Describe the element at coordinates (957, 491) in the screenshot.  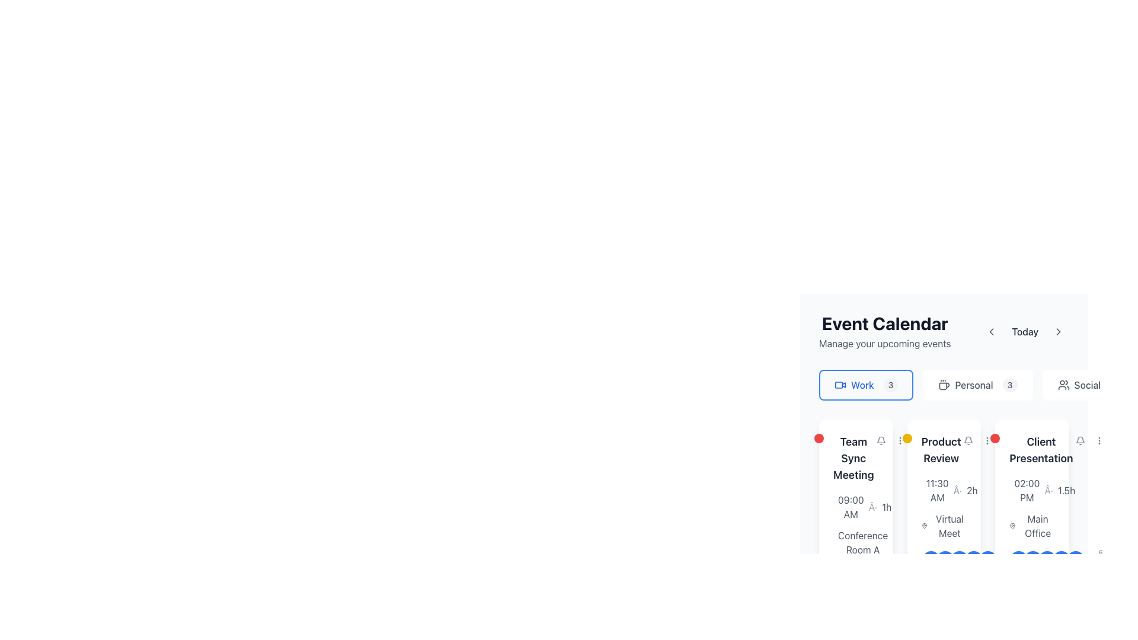
I see `the textual separator or bullet point located in the 'Product Review' event card, positioned between the time text ('11:30 AM') and the duration text ('2h')` at that location.